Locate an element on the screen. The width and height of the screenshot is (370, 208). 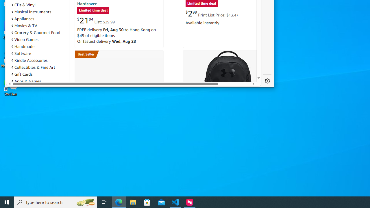
'Musical Instruments' is located at coordinates (31, 12).